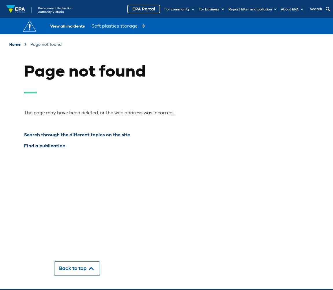 The height and width of the screenshot is (290, 333). I want to click on 'Home', so click(9, 44).